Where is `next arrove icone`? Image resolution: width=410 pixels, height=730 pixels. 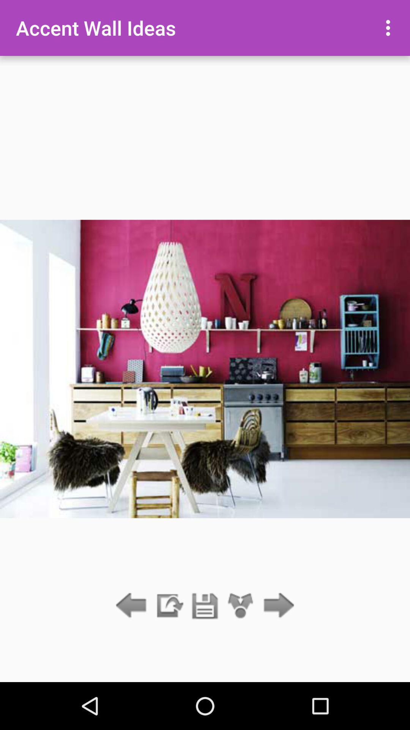 next arrove icone is located at coordinates (277, 606).